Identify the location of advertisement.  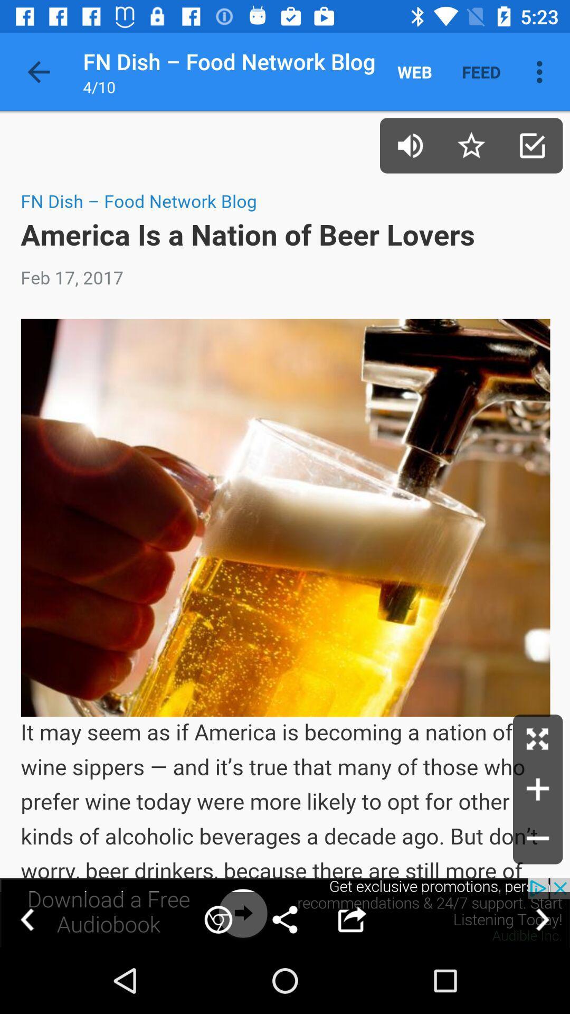
(538, 789).